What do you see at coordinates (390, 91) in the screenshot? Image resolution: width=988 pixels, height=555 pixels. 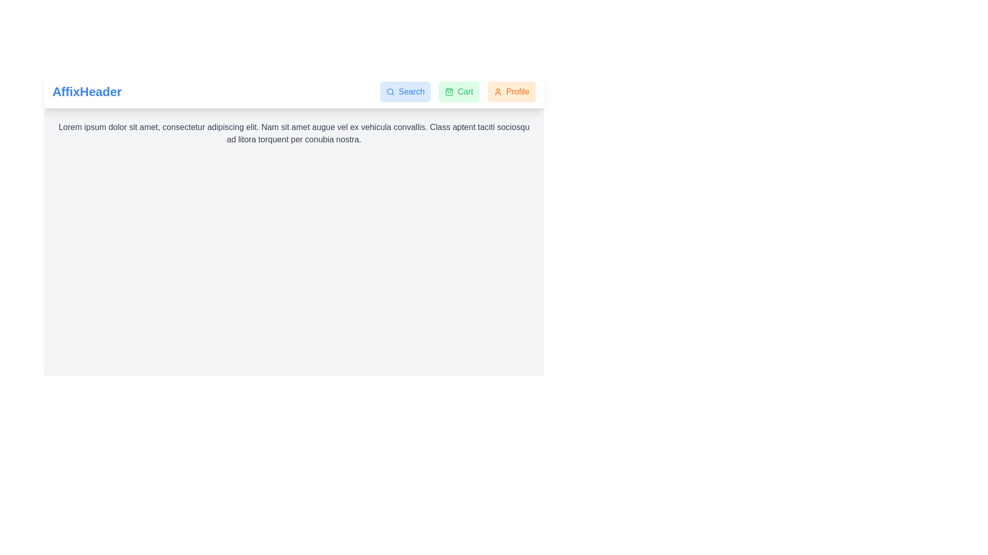 I see `the 'Search' button which features a small magnifying glass icon integrated within it, located in the top navigation bar` at bounding box center [390, 91].